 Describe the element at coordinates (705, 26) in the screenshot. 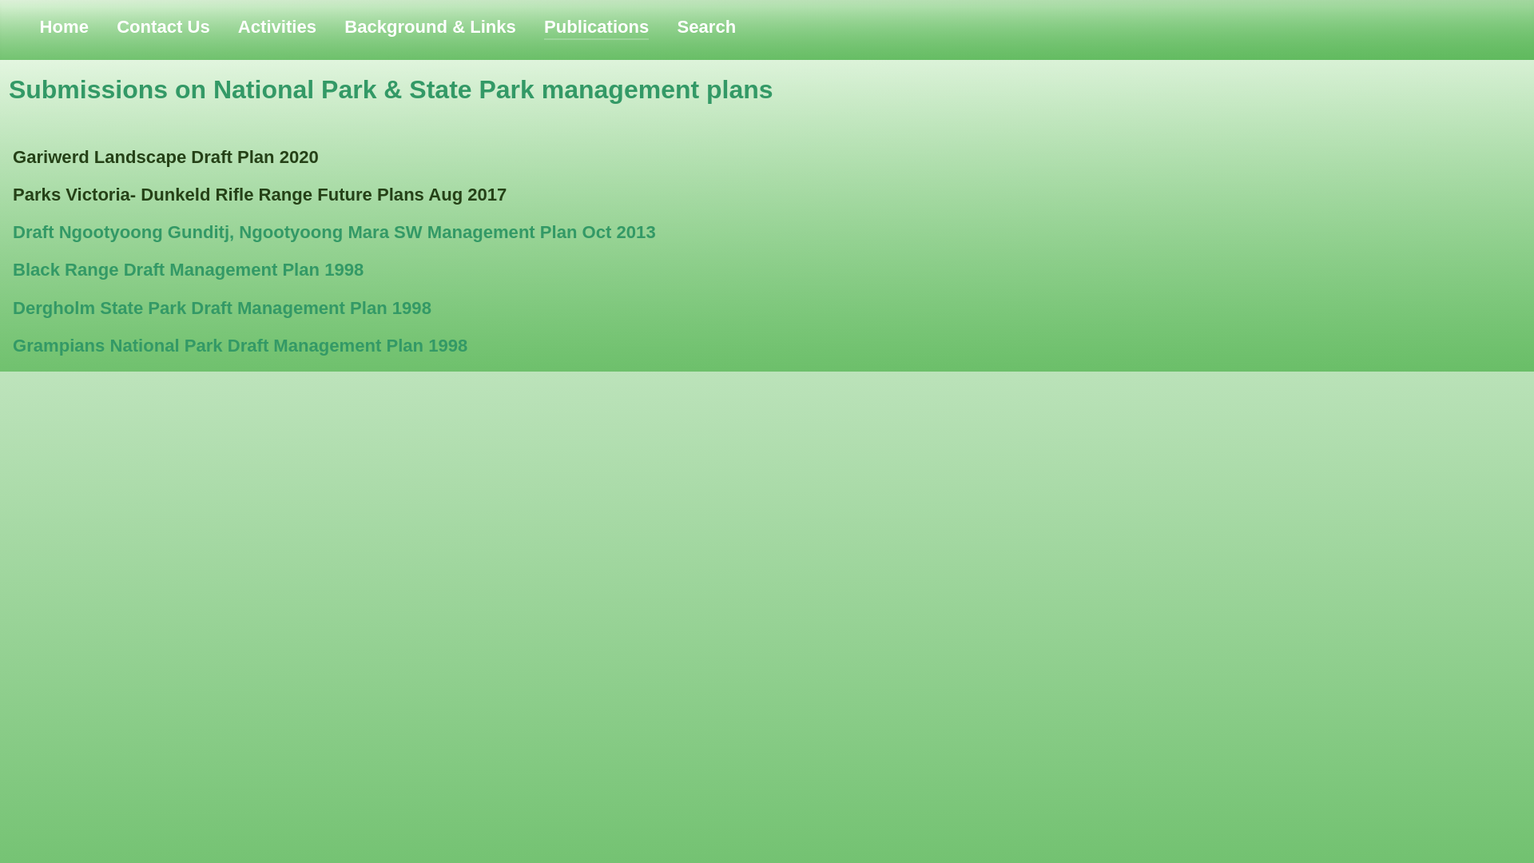

I see `'Search'` at that location.